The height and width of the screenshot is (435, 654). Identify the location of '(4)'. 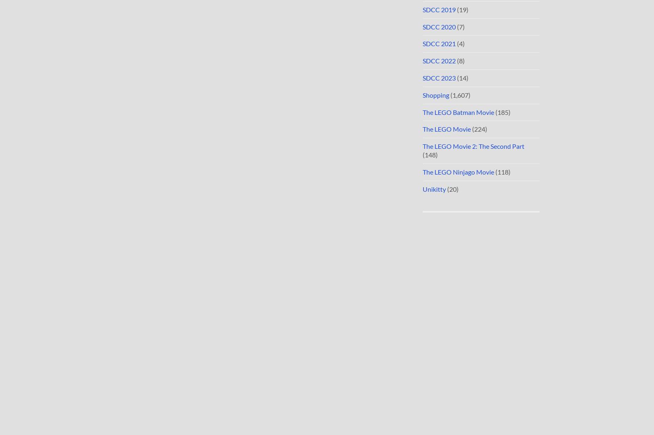
(460, 43).